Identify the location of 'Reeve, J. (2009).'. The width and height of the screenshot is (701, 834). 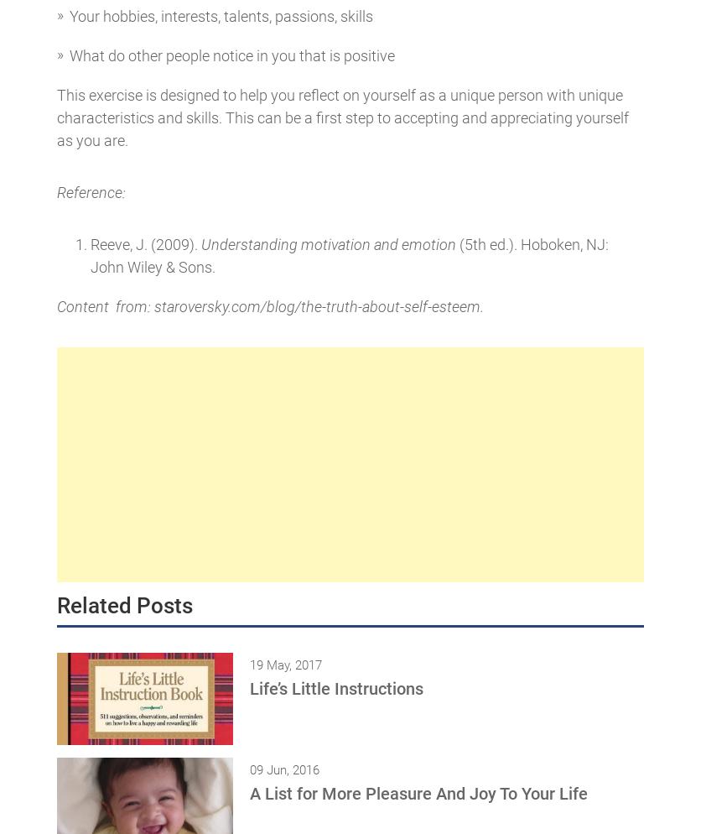
(90, 244).